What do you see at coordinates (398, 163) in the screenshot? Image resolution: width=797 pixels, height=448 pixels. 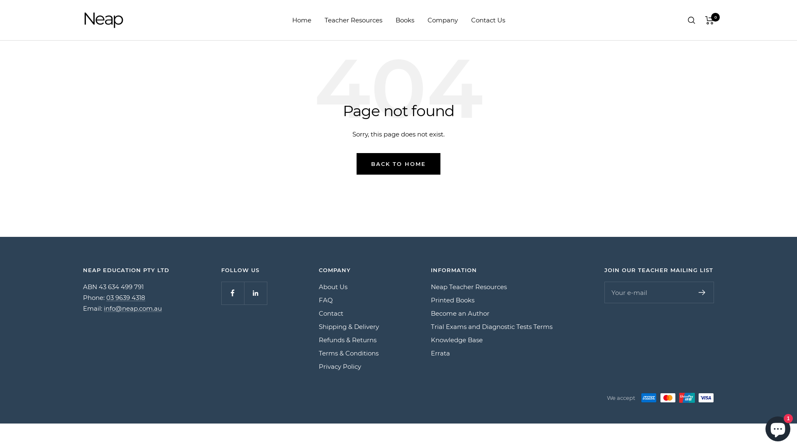 I see `'BACK TO HOME'` at bounding box center [398, 163].